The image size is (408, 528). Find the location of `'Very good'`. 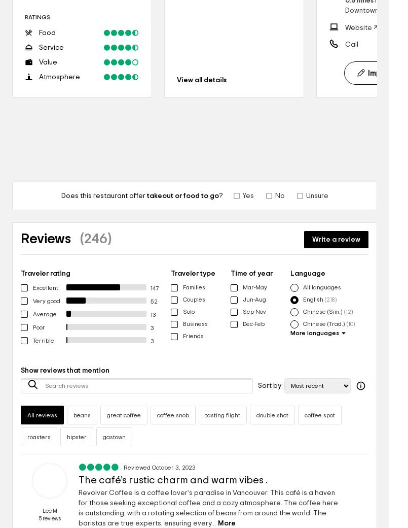

'Very good' is located at coordinates (46, 301).